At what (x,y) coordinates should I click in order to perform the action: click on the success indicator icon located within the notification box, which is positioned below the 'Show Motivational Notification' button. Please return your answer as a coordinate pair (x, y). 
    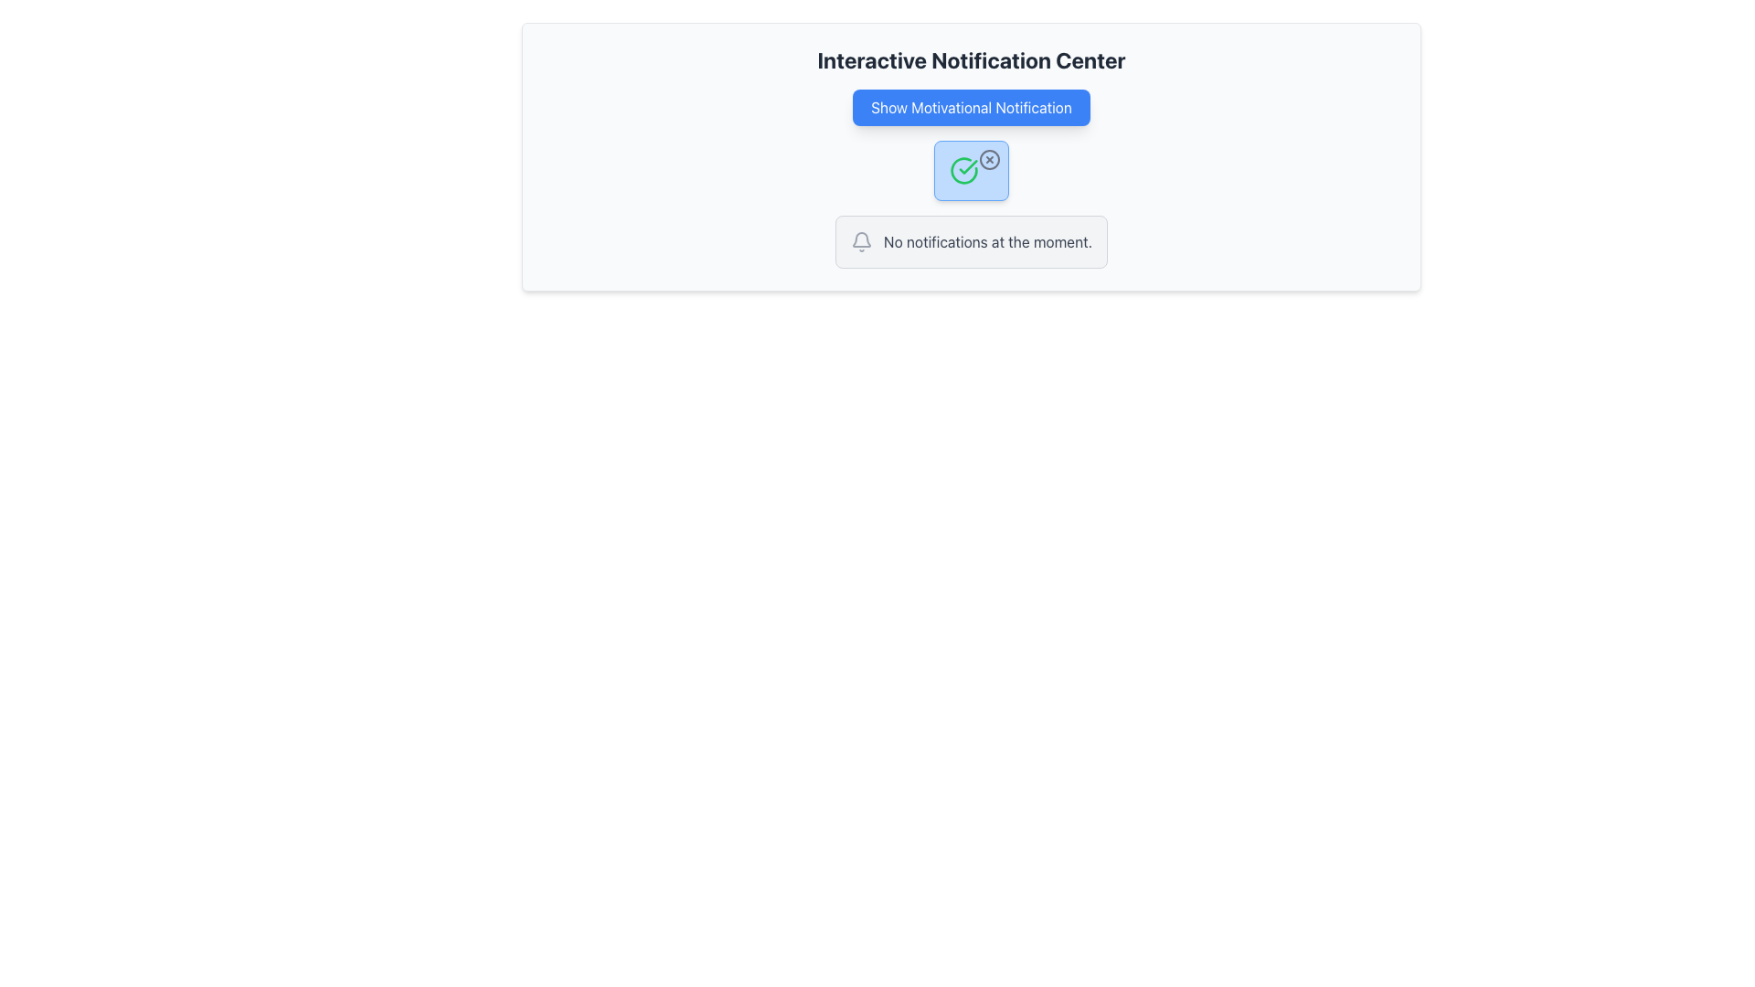
    Looking at the image, I should click on (963, 170).